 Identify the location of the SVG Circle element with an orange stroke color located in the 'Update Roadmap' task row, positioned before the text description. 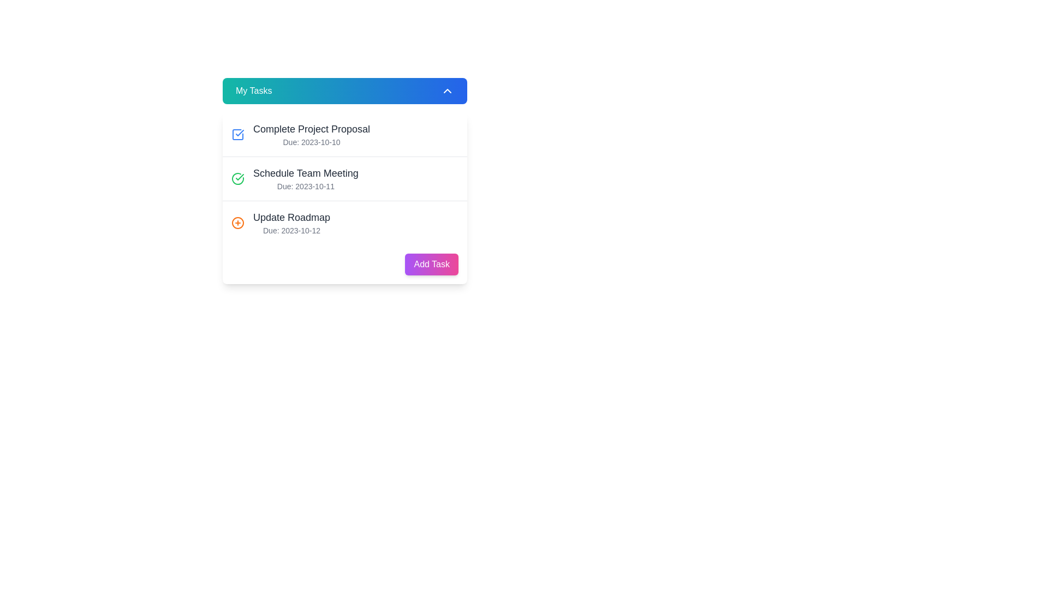
(237, 222).